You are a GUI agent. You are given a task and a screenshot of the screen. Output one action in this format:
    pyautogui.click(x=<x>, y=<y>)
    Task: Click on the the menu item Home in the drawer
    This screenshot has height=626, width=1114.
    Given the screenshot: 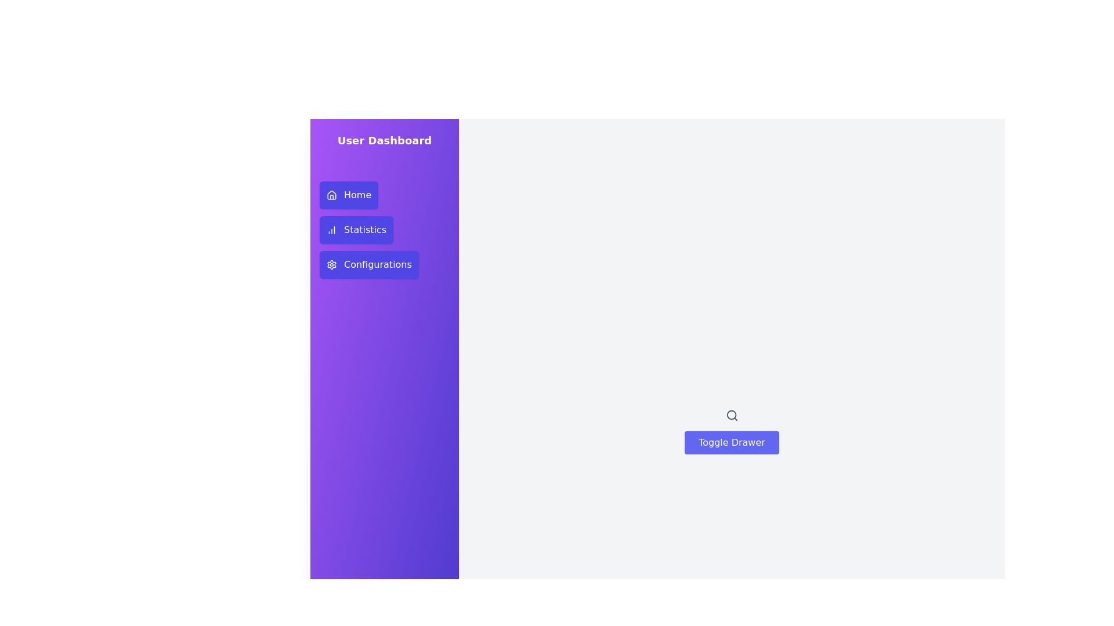 What is the action you would take?
    pyautogui.click(x=348, y=194)
    